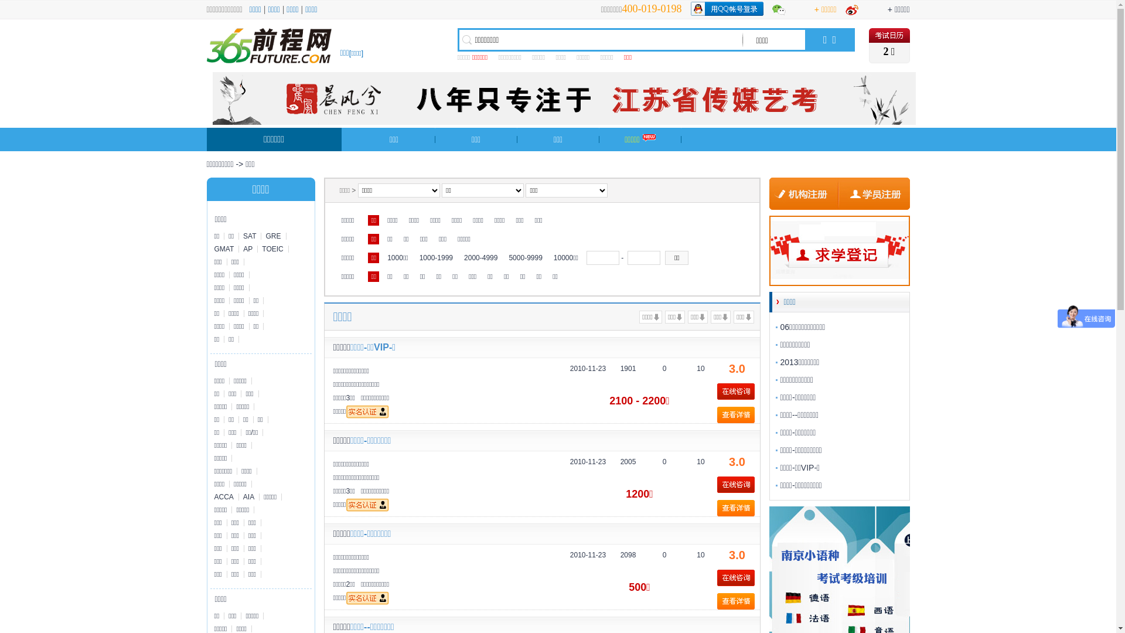 This screenshot has width=1125, height=633. I want to click on 'ACCA', so click(224, 497).